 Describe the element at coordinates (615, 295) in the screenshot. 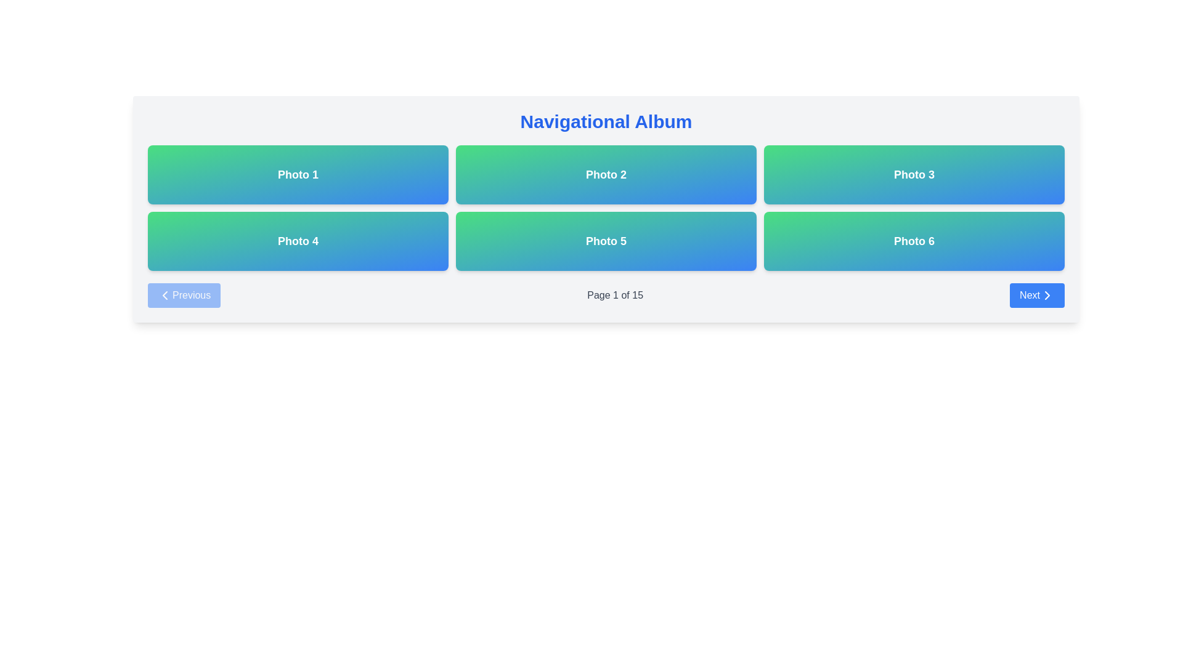

I see `the Text display component indicating the current page number (1) out of 15 in the paginated list, centrally located within the navigation section` at that location.